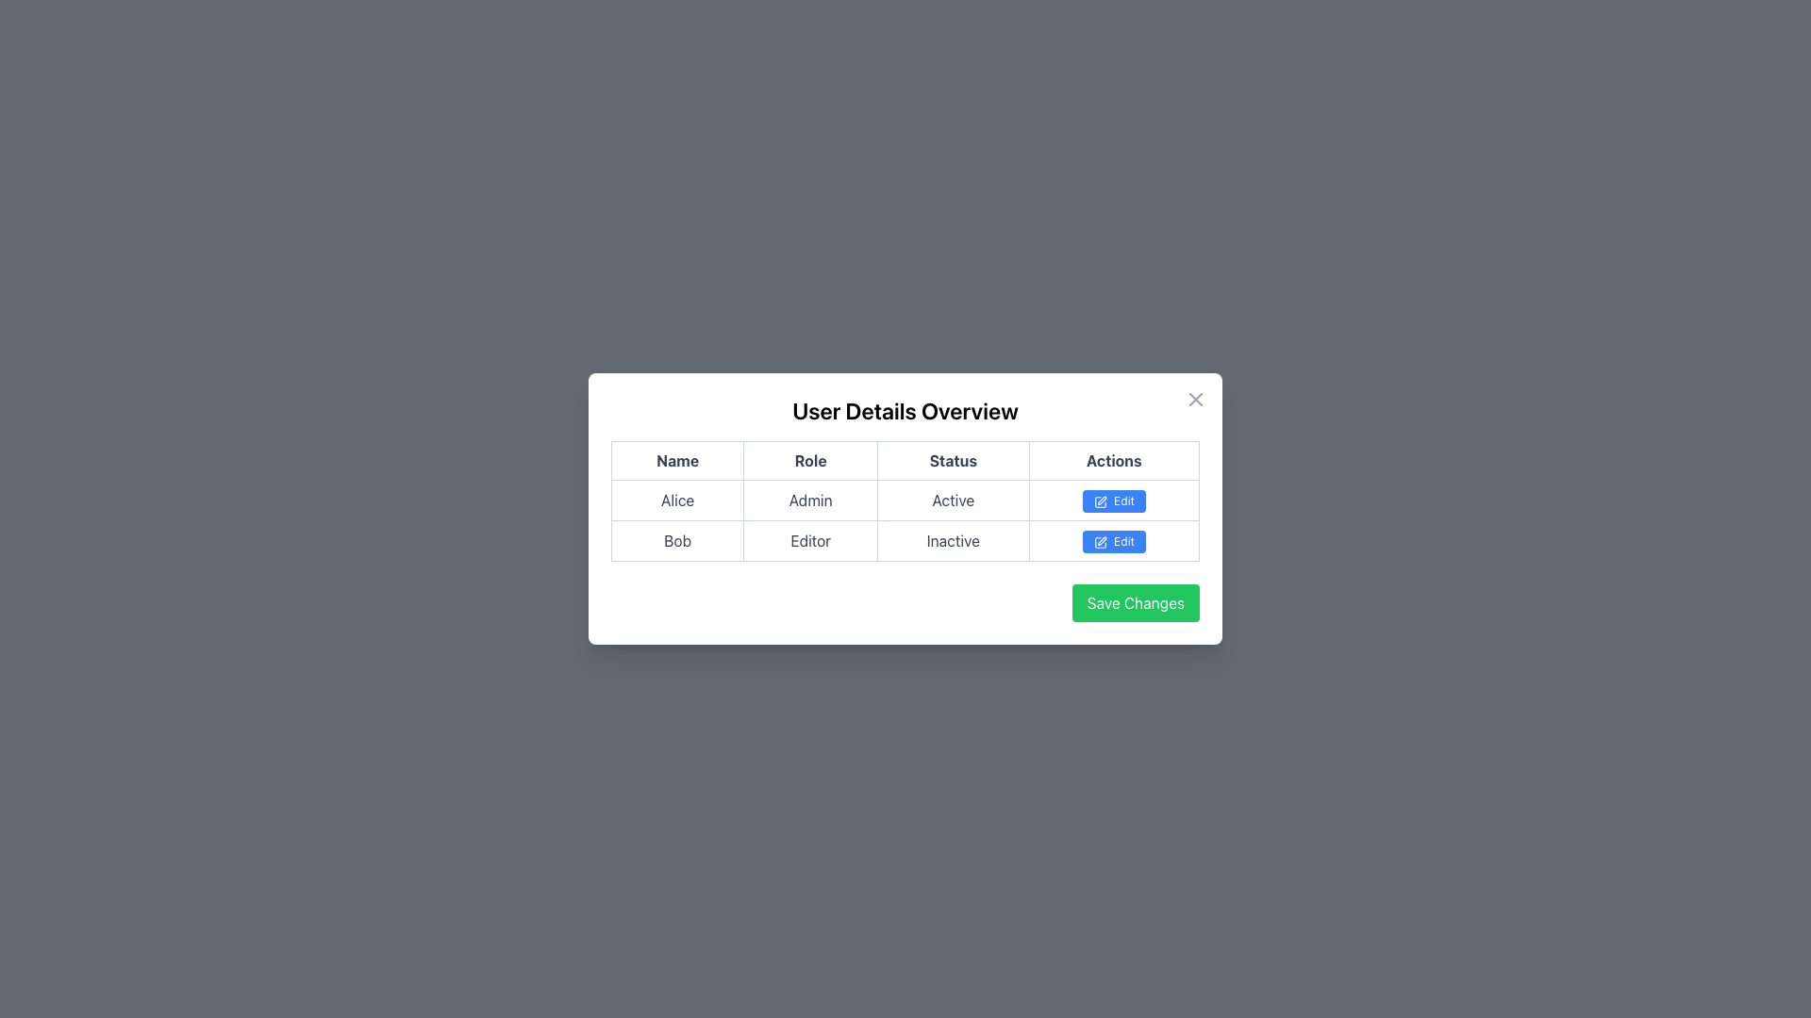  Describe the element at coordinates (953, 461) in the screenshot. I see `the 'Status' static text header in the table column, which is the third item in the header row, positioned between 'Role' and 'Actions'` at that location.